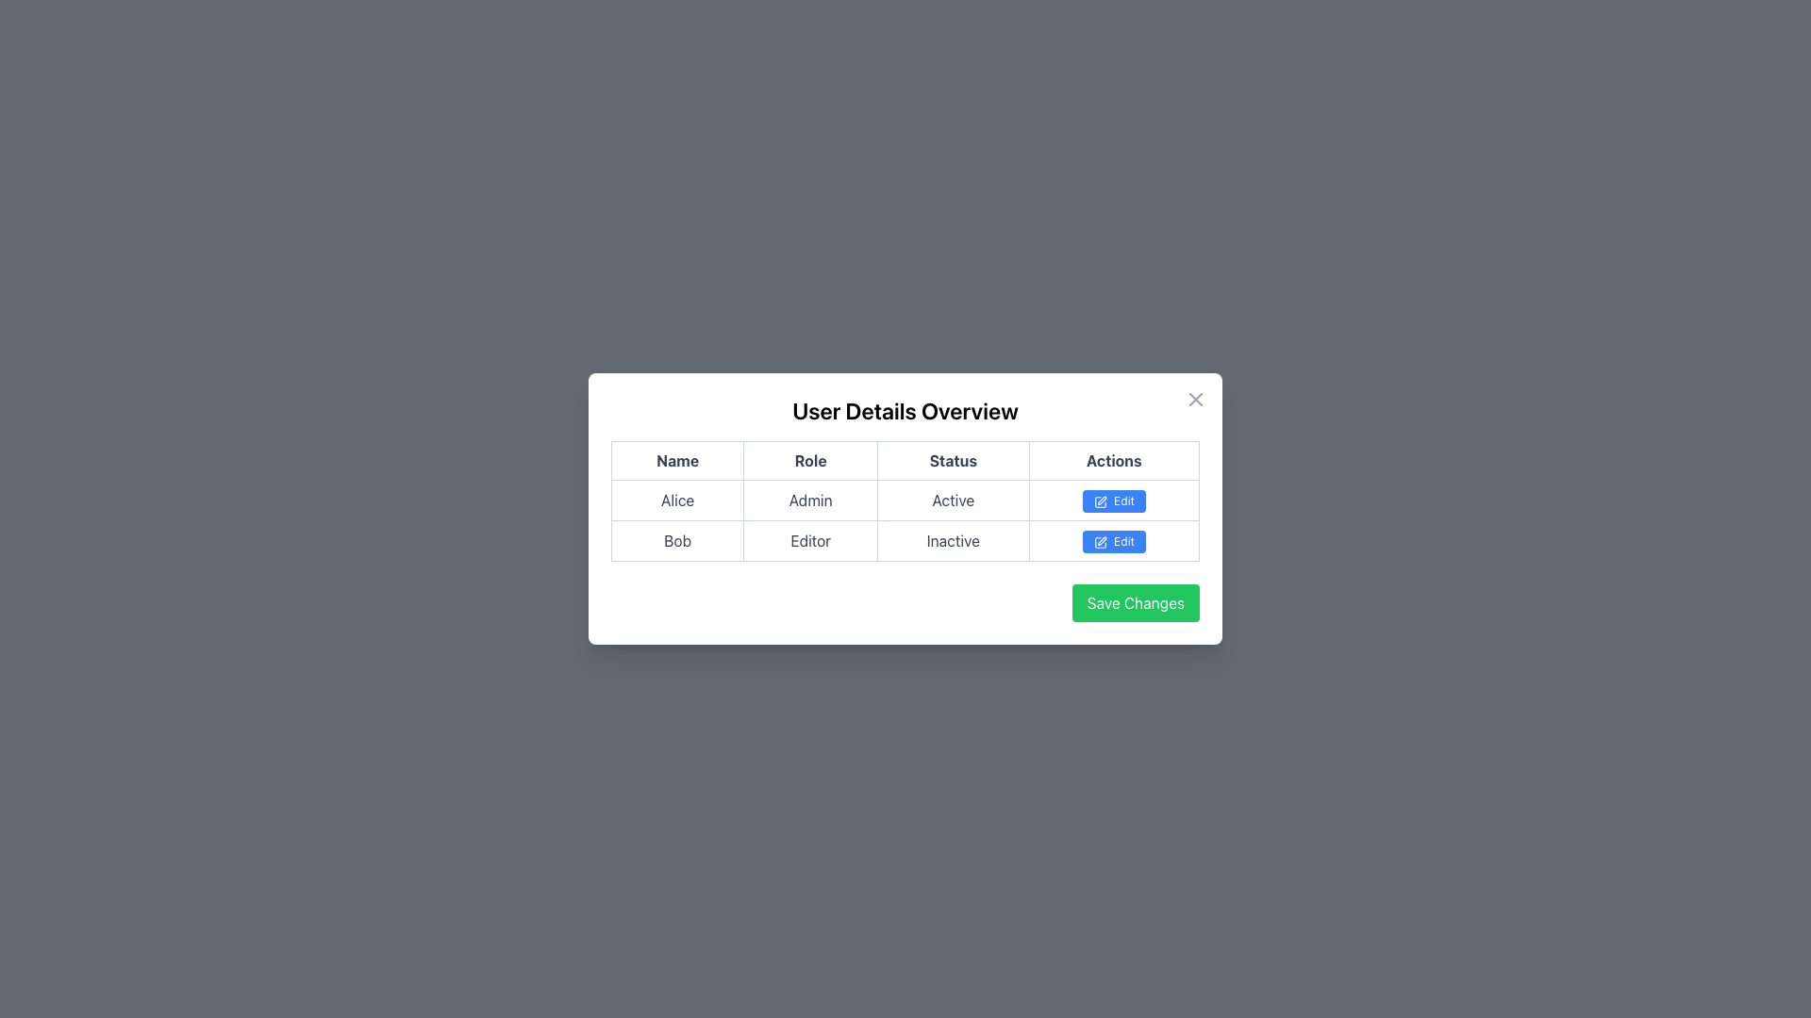  Describe the element at coordinates (953, 461) in the screenshot. I see `the 'Status' static text header in the table column, which is the third item in the header row, positioned between 'Role' and 'Actions'` at that location.